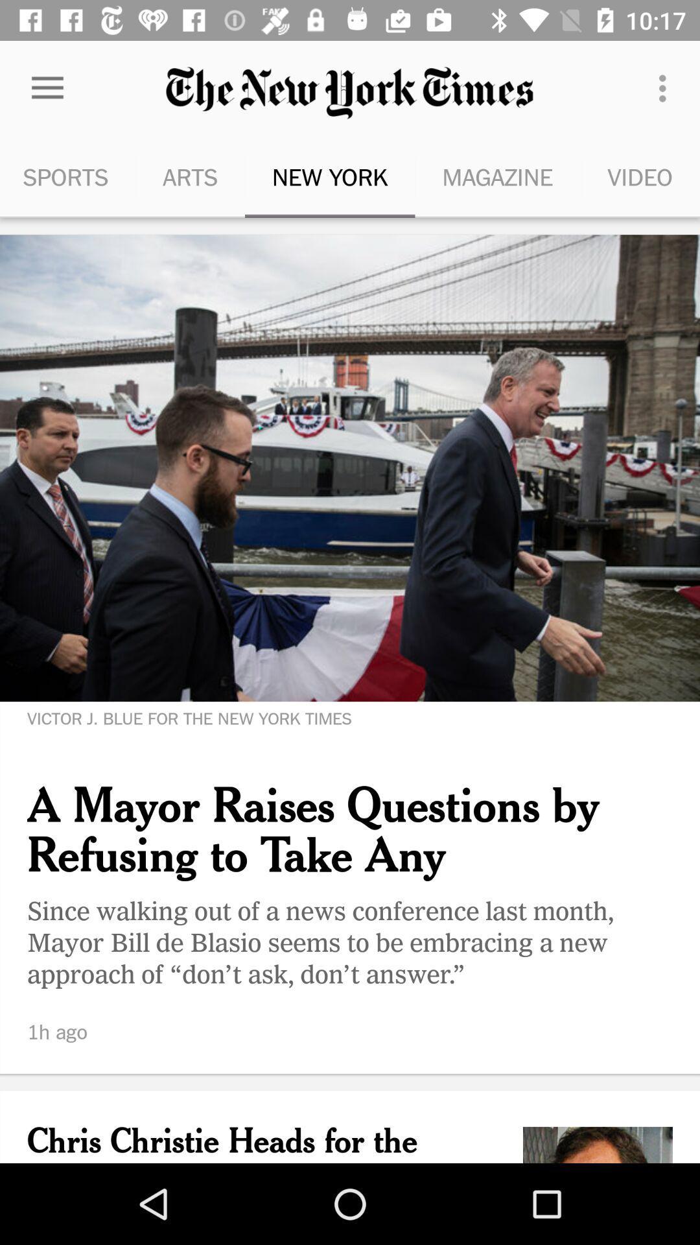 The image size is (700, 1245). What do you see at coordinates (67, 176) in the screenshot?
I see `the sports icon` at bounding box center [67, 176].